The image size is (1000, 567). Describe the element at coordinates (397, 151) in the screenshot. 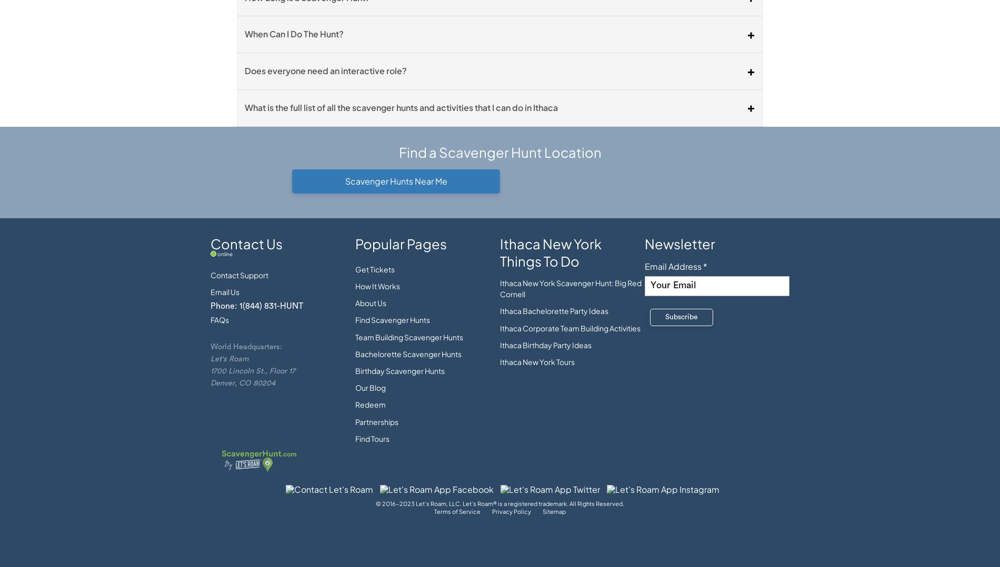

I see `'Find a Scavenger Hunt Location'` at that location.